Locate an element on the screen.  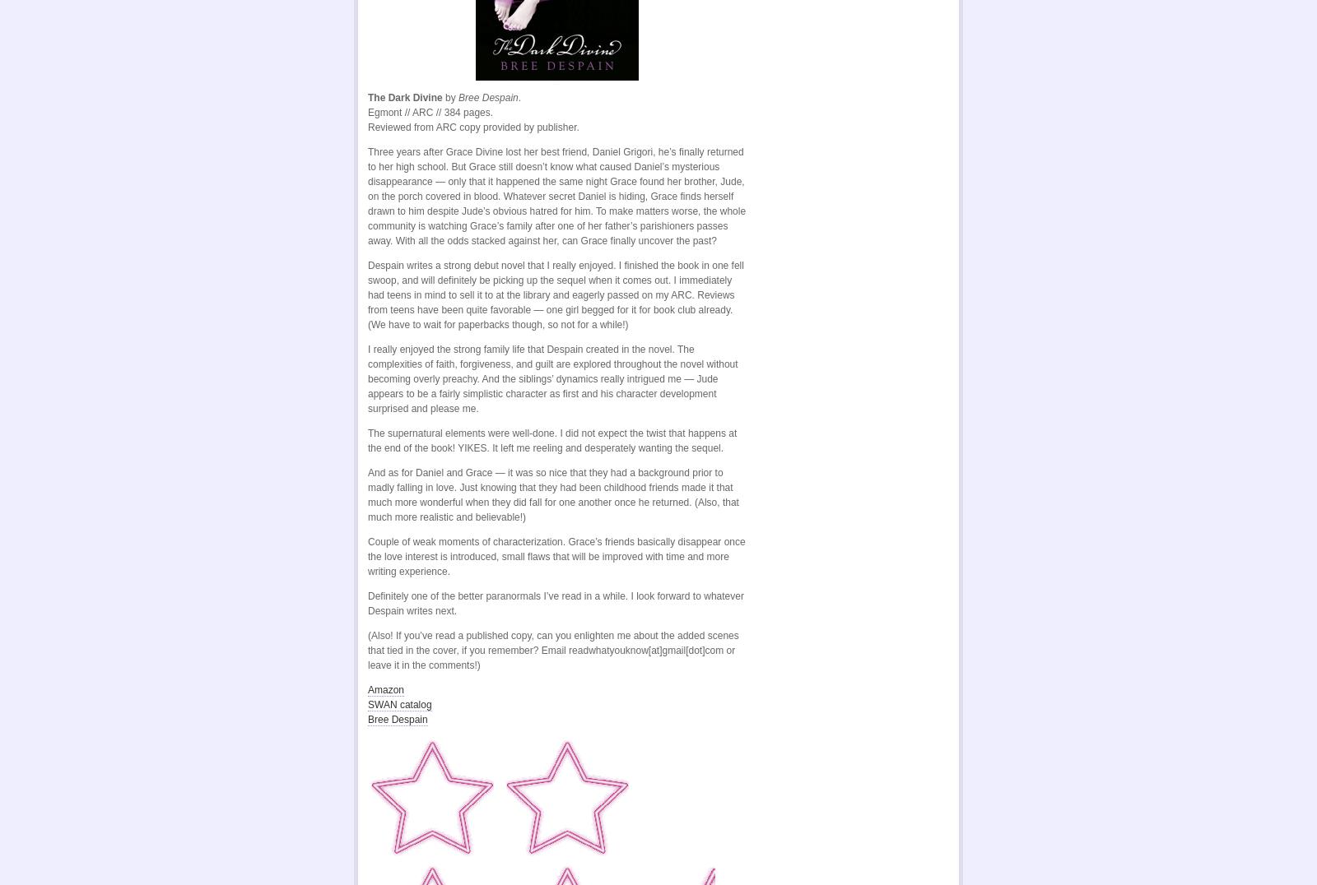
'I really enjoyed the strong family life that Despain created in the novel. The complexities of faith, forgiveness, and guilt are explored throughout the novel without becoming overly preachy. And the siblings’ dynamics really intrigued me — Jude appears to be a fairly simplistic character as first and his character development surprised and please me.' is located at coordinates (552, 378).